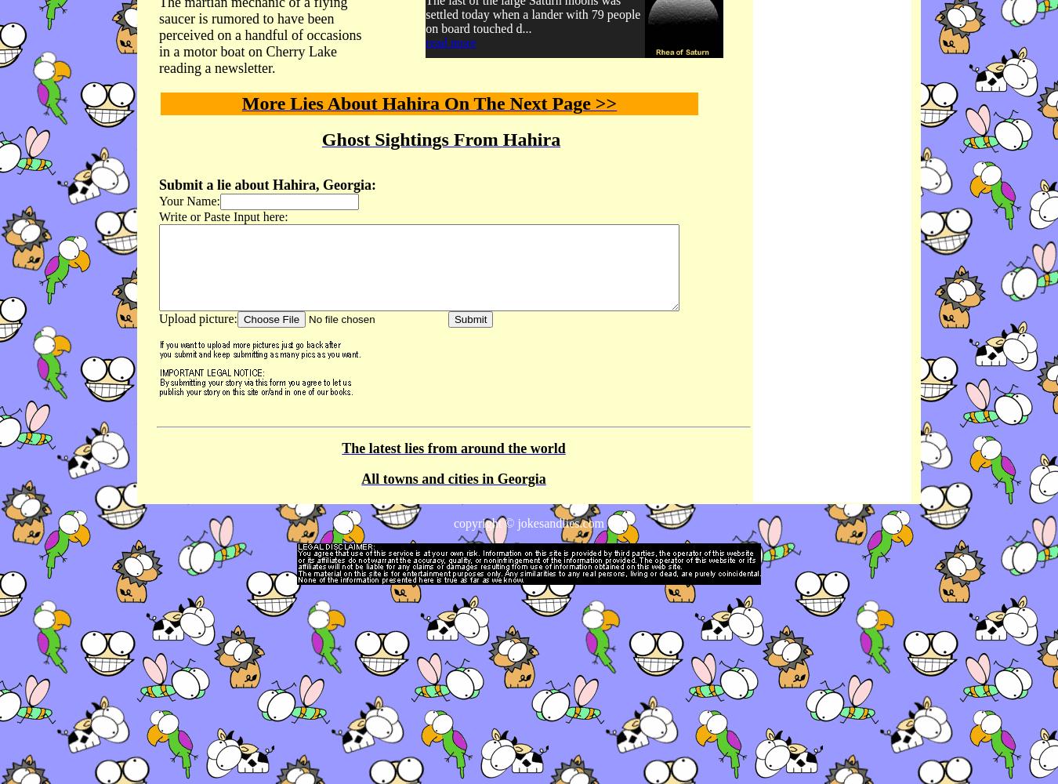 The height and width of the screenshot is (784, 1058). Describe the element at coordinates (159, 216) in the screenshot. I see `'Write or Paste Input here:'` at that location.